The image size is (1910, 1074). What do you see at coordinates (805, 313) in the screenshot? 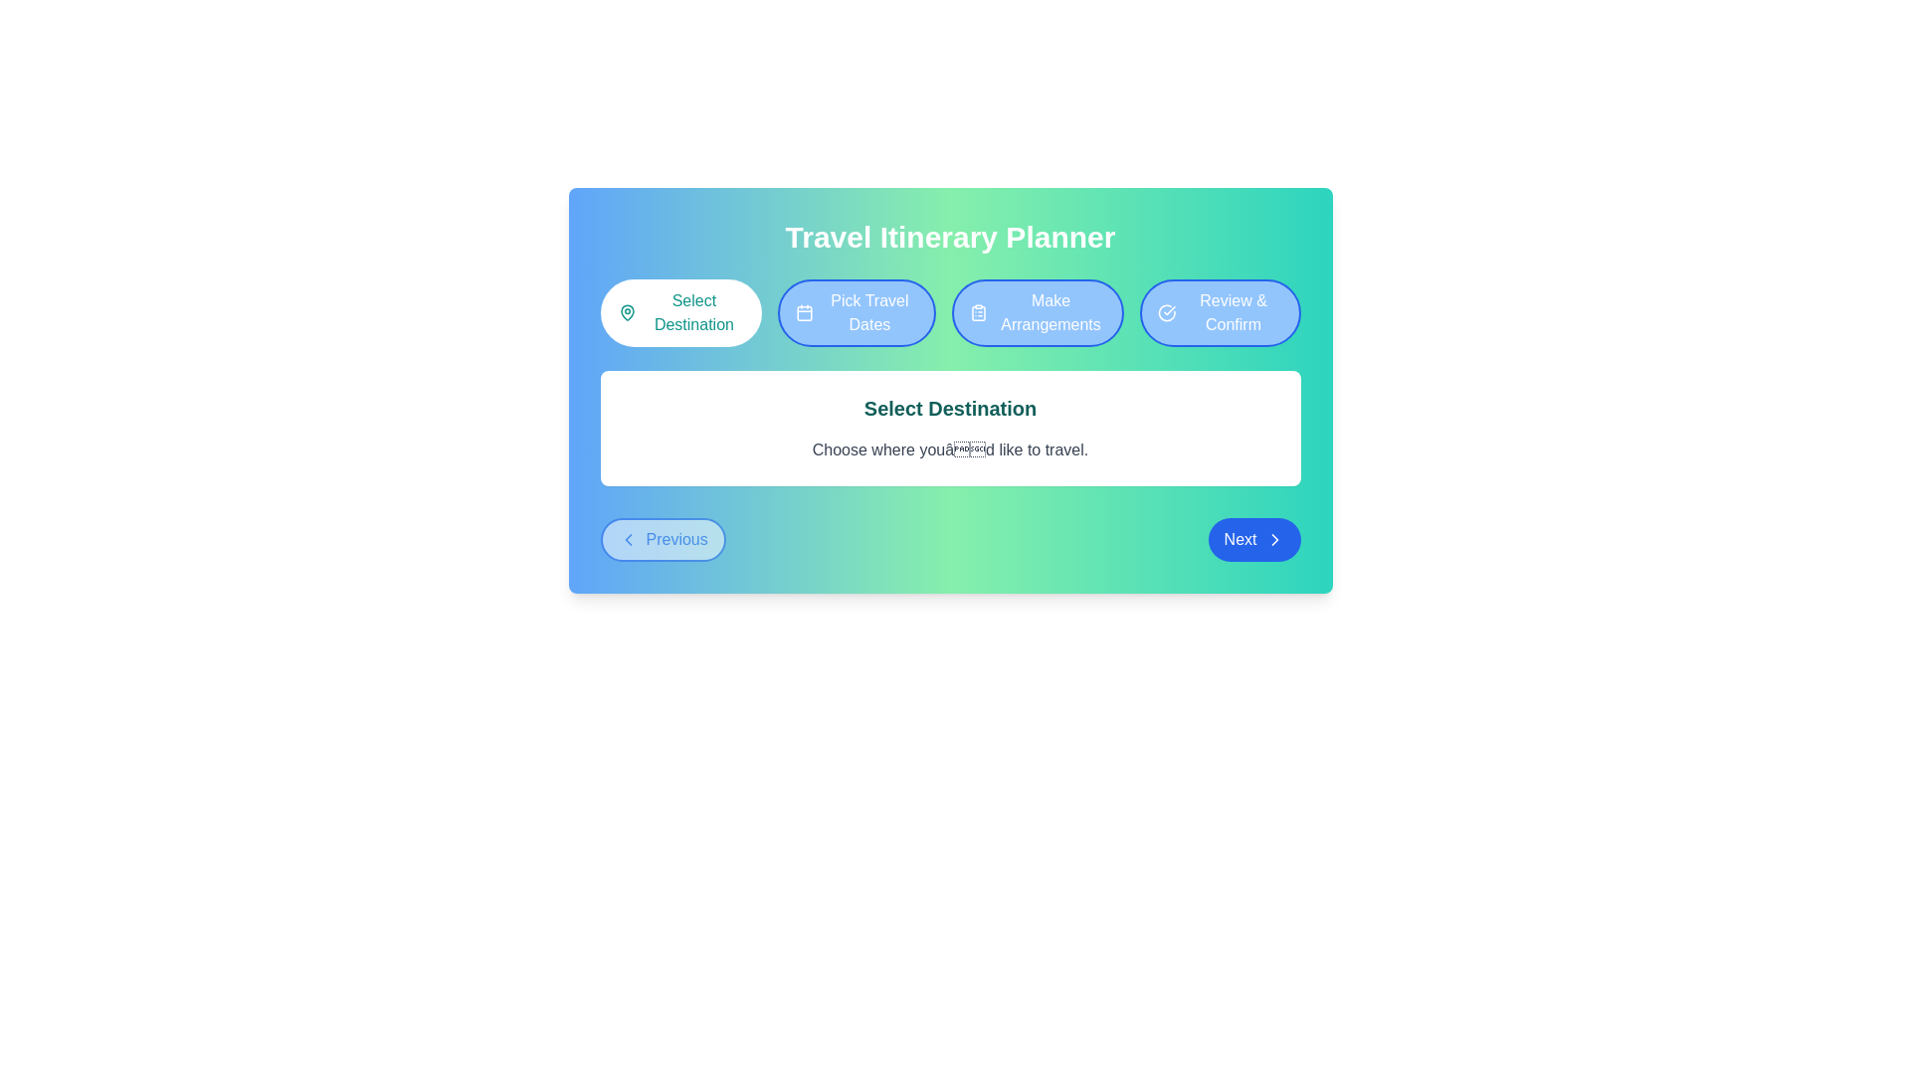
I see `the calendar icon, which is an SVG styled in an outline design, located to the left of the 'Pick Travel Dates' text` at bounding box center [805, 313].